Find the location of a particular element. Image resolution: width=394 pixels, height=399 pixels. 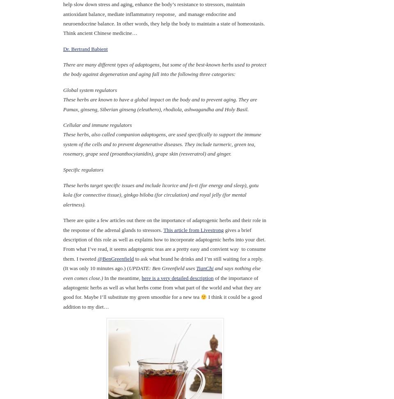

'I think it could be a good addition to my diet…' is located at coordinates (162, 302).